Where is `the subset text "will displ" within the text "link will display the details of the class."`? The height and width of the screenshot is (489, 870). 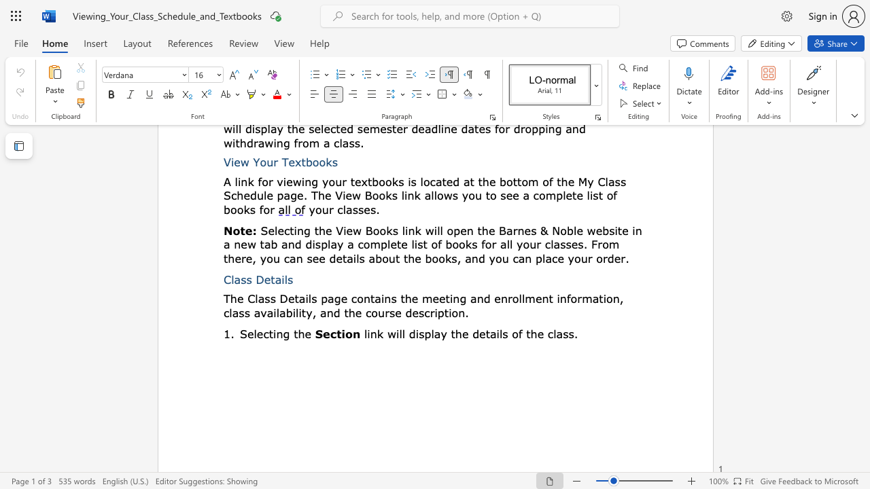 the subset text "will displ" within the text "link will display the details of the class." is located at coordinates (386, 333).